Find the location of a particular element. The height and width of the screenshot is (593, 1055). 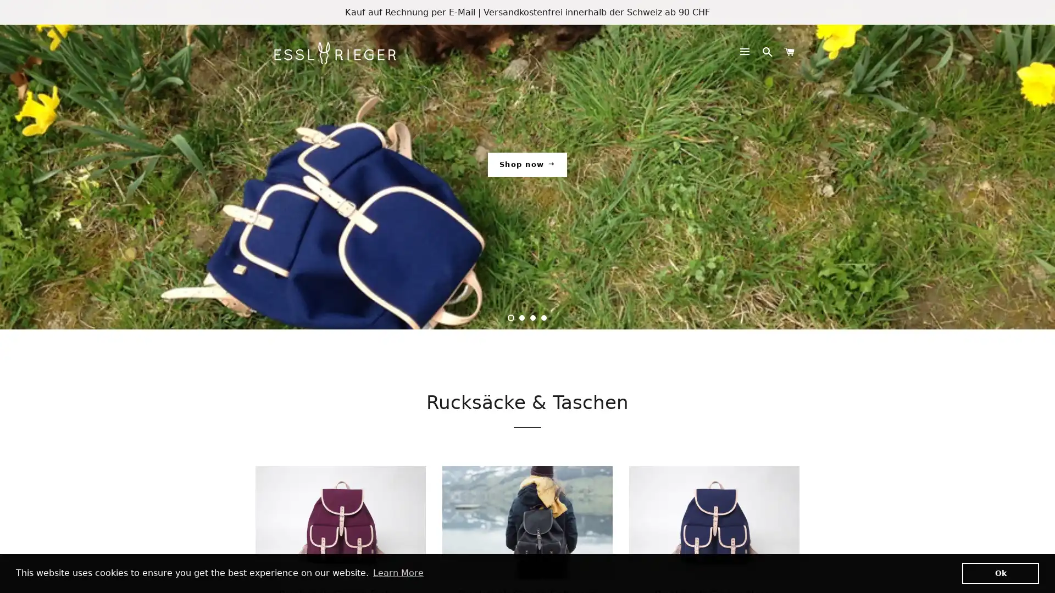

3 is located at coordinates (532, 580).